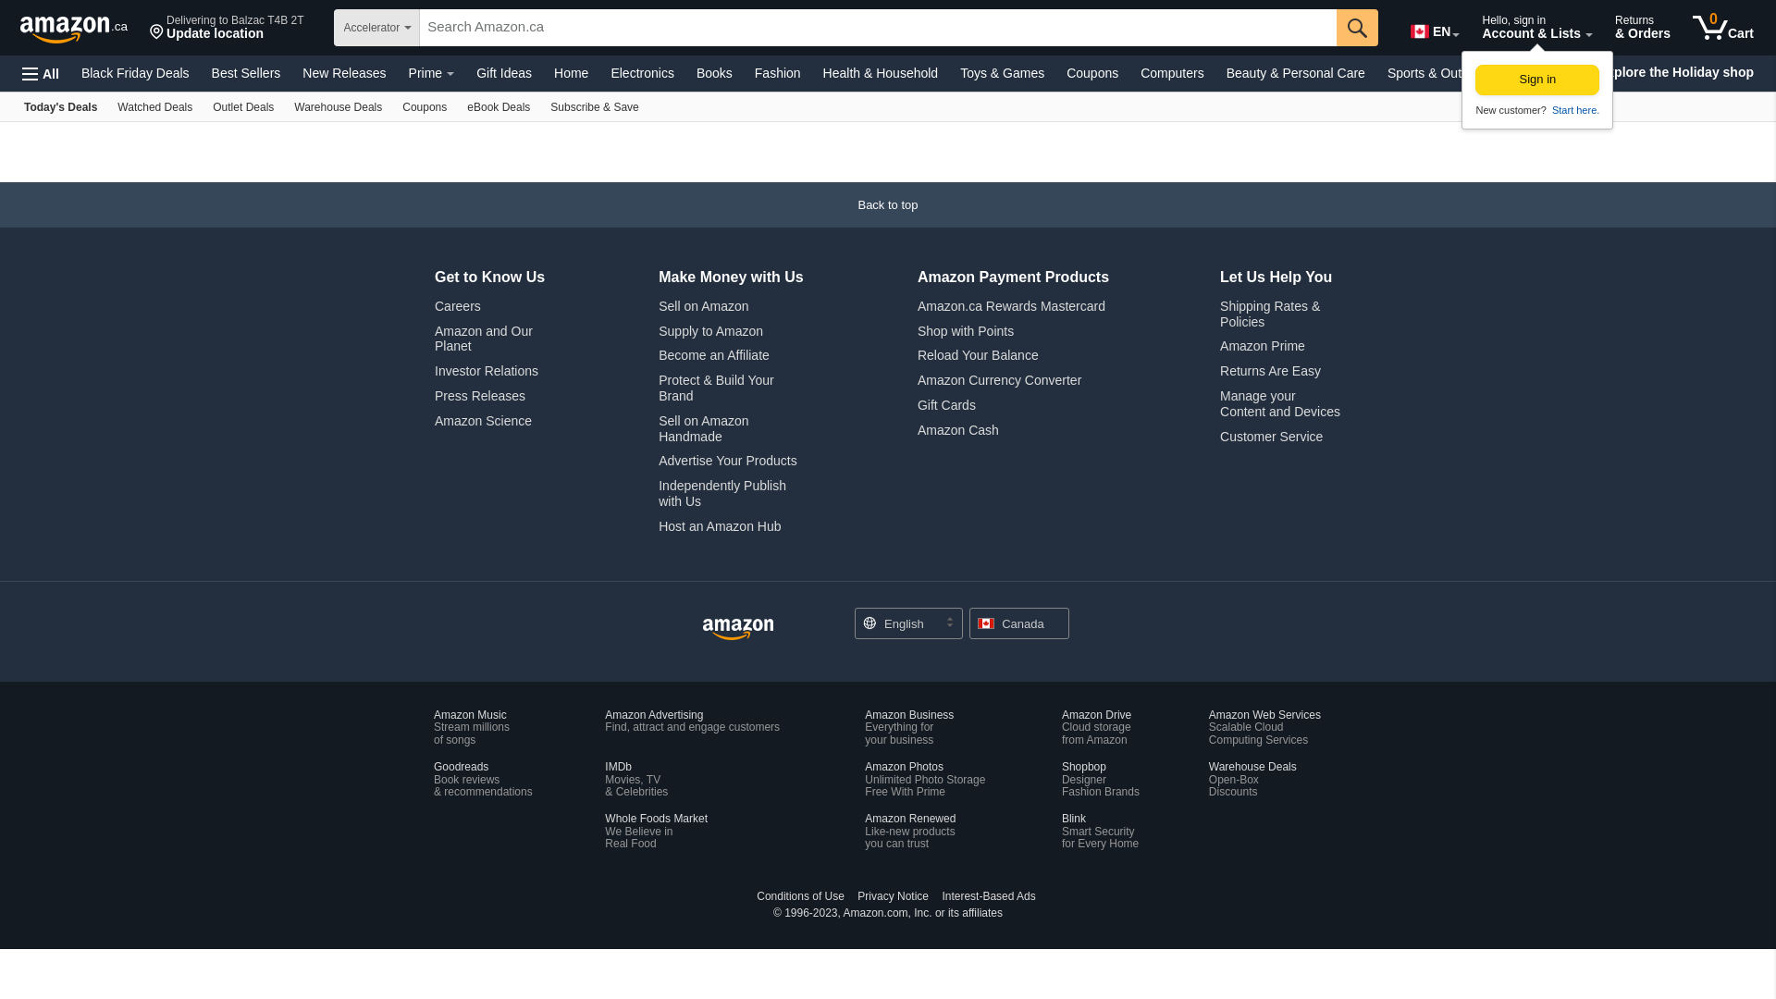 This screenshot has height=999, width=1776. I want to click on 'Hello, sign in, so click(1473, 28).